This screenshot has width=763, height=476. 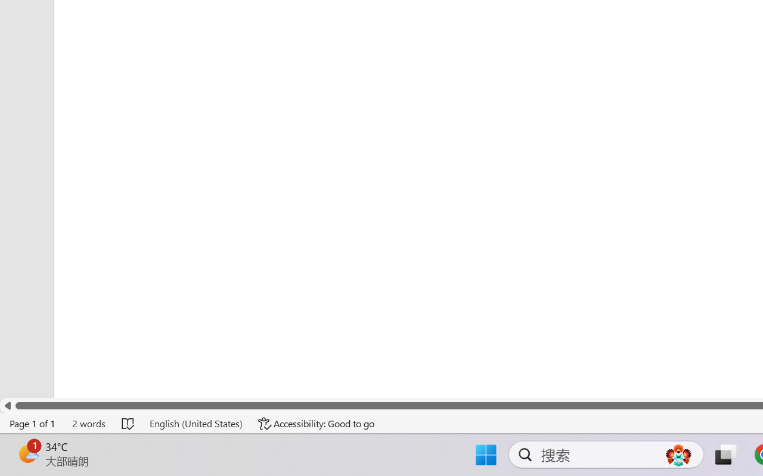 What do you see at coordinates (27, 453) in the screenshot?
I see `'AutomationID: BadgeAnchorLargeTicker'` at bounding box center [27, 453].